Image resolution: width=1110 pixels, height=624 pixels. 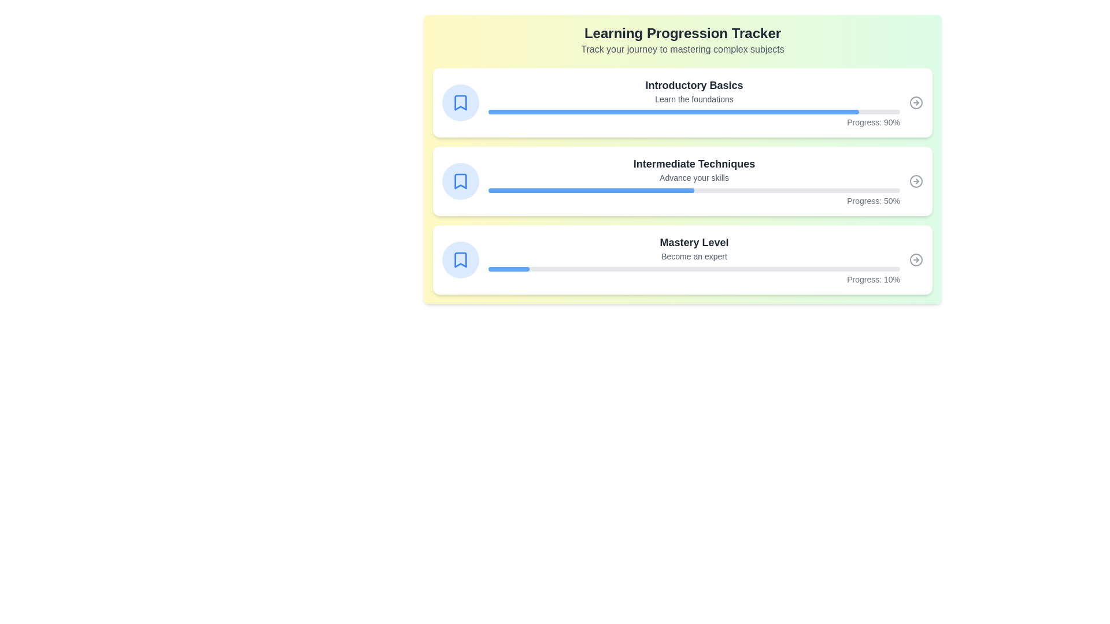 I want to click on the 'Introductory Basics' text label, which serves as the title for the introductory section in the learning progression tracker, so click(x=694, y=84).